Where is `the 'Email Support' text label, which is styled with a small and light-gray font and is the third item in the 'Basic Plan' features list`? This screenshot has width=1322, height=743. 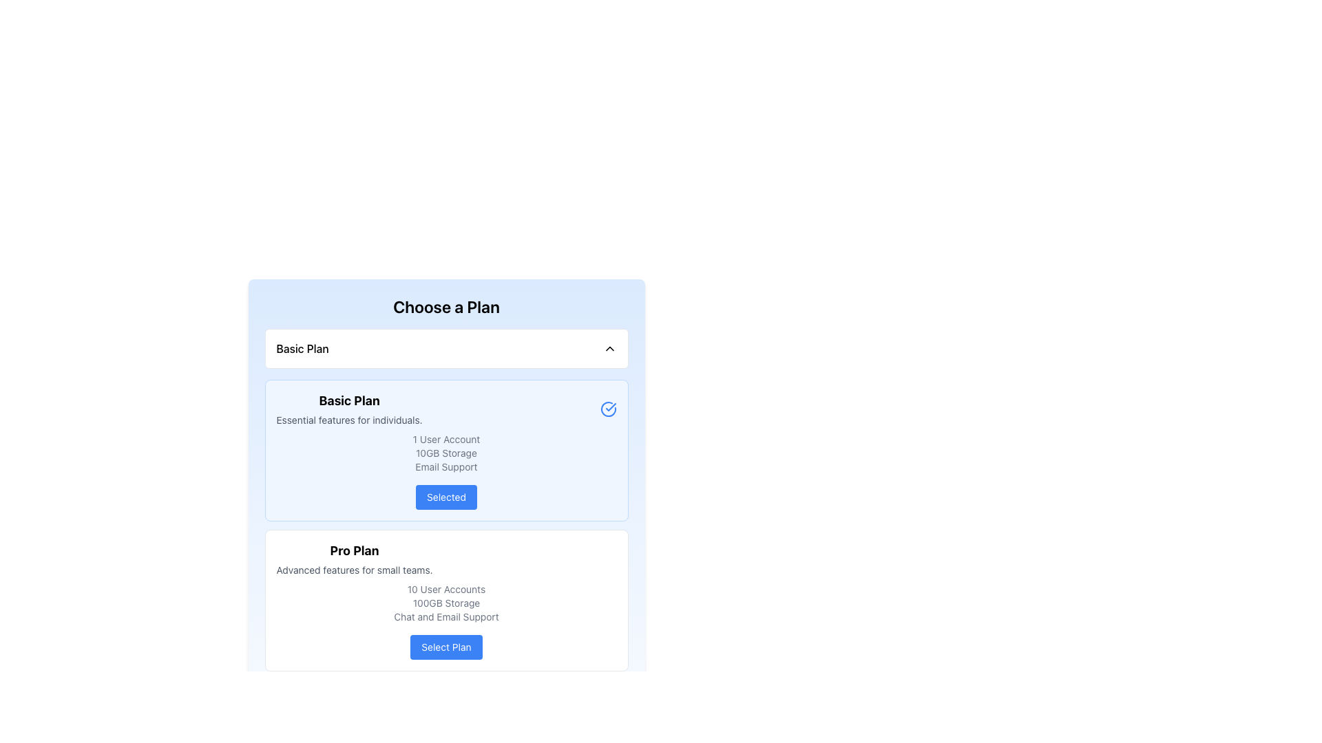 the 'Email Support' text label, which is styled with a small and light-gray font and is the third item in the 'Basic Plan' features list is located at coordinates (446, 466).